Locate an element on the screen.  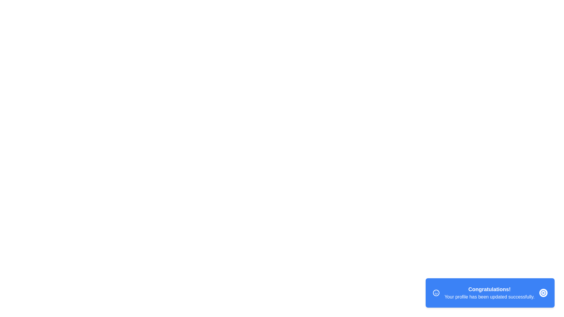
the smiley icon to inspect its behavior or details is located at coordinates (436, 293).